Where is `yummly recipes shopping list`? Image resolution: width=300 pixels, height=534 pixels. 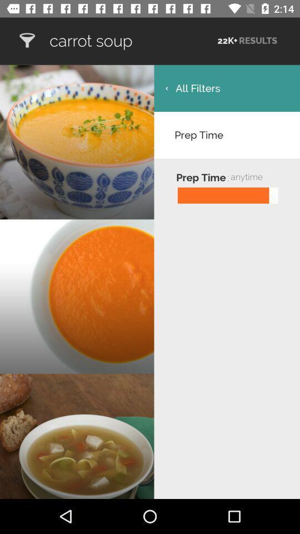 yummly recipes shopping list is located at coordinates (27, 41).